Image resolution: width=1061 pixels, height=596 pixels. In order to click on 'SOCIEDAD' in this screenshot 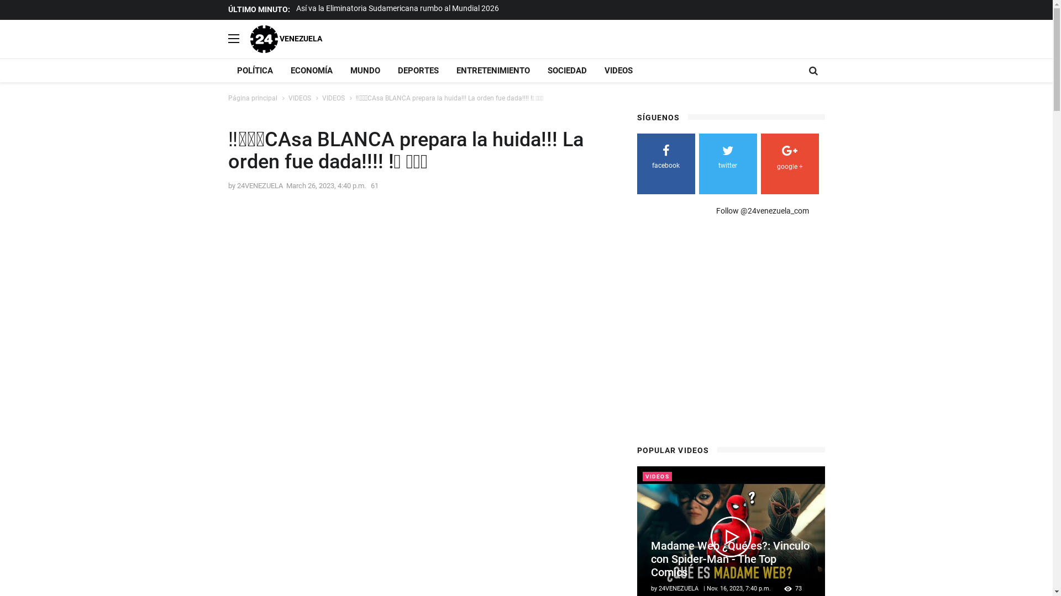, I will do `click(566, 70)`.